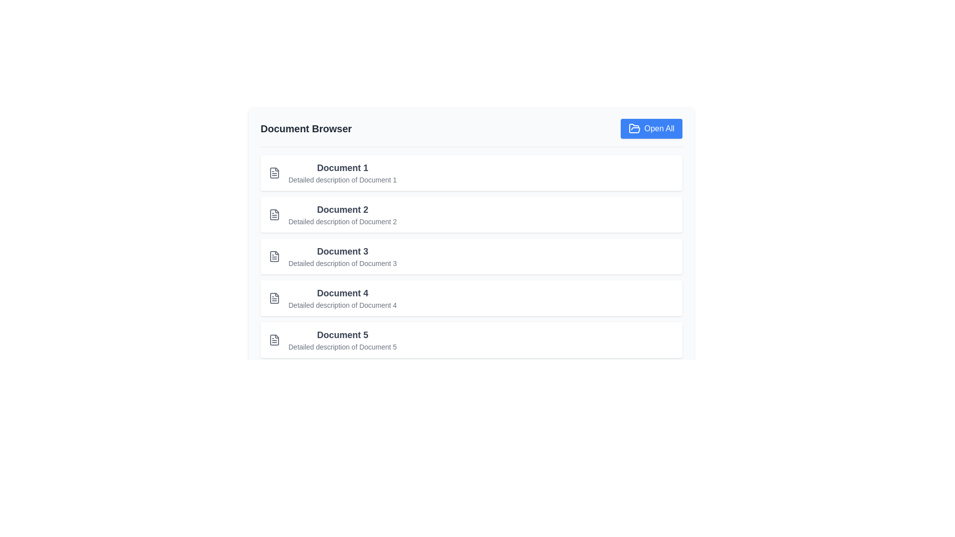 Image resolution: width=955 pixels, height=537 pixels. I want to click on the document icon located to the left of the 'Document 4' title, so click(275, 298).